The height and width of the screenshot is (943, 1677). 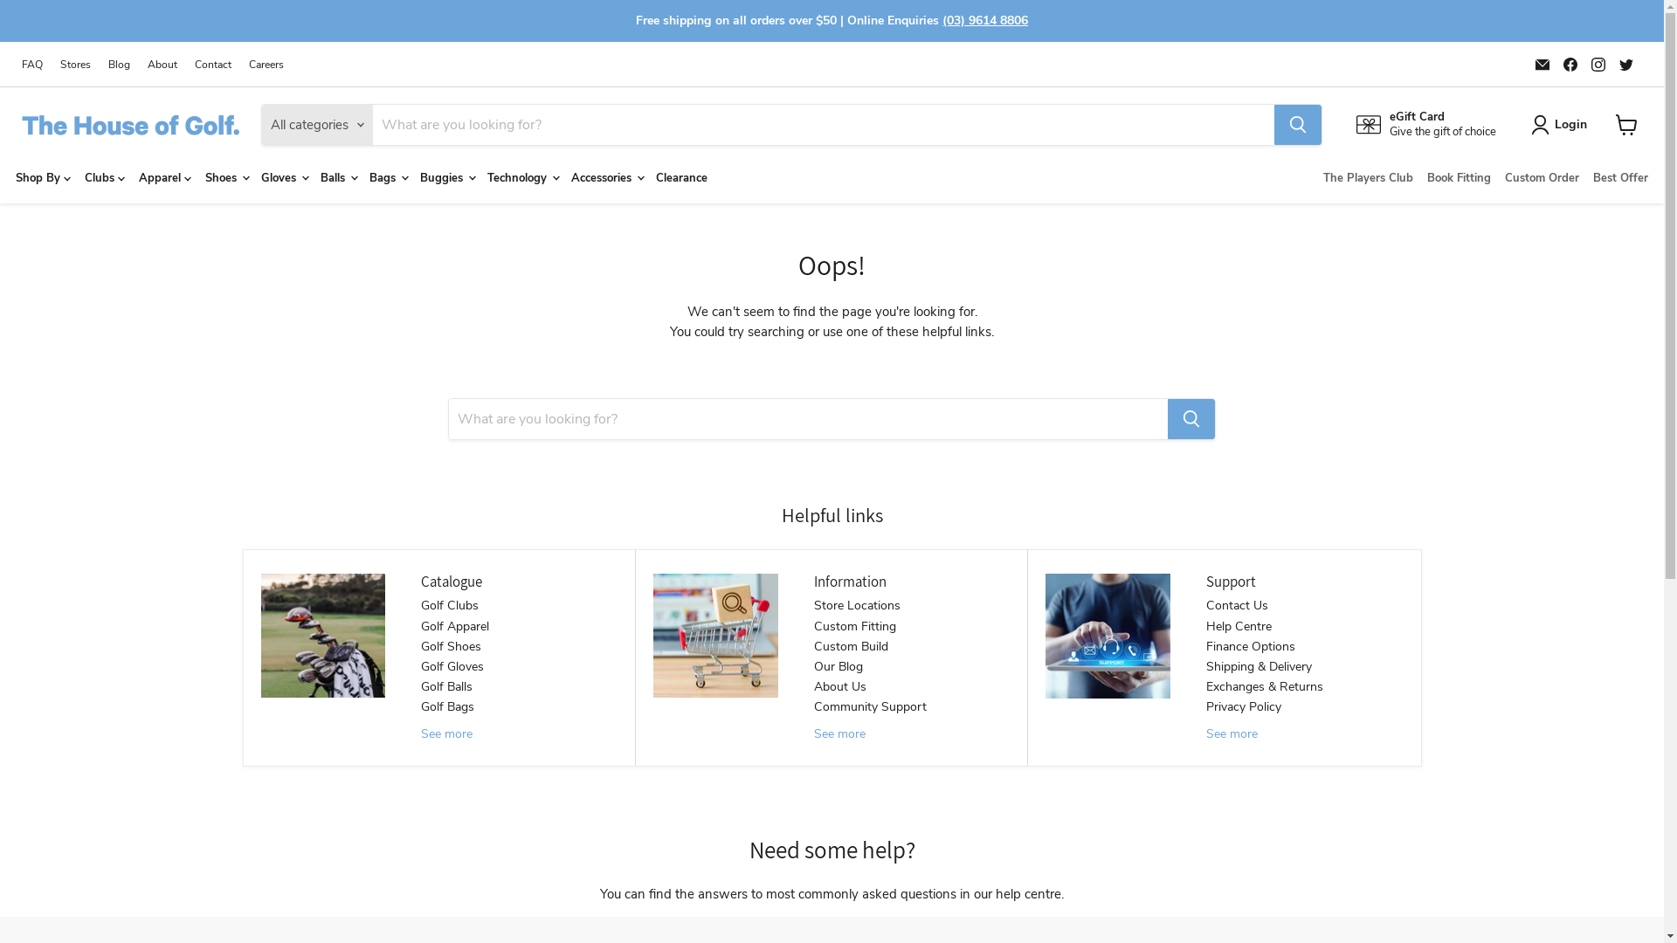 I want to click on 'See more', so click(x=420, y=733).